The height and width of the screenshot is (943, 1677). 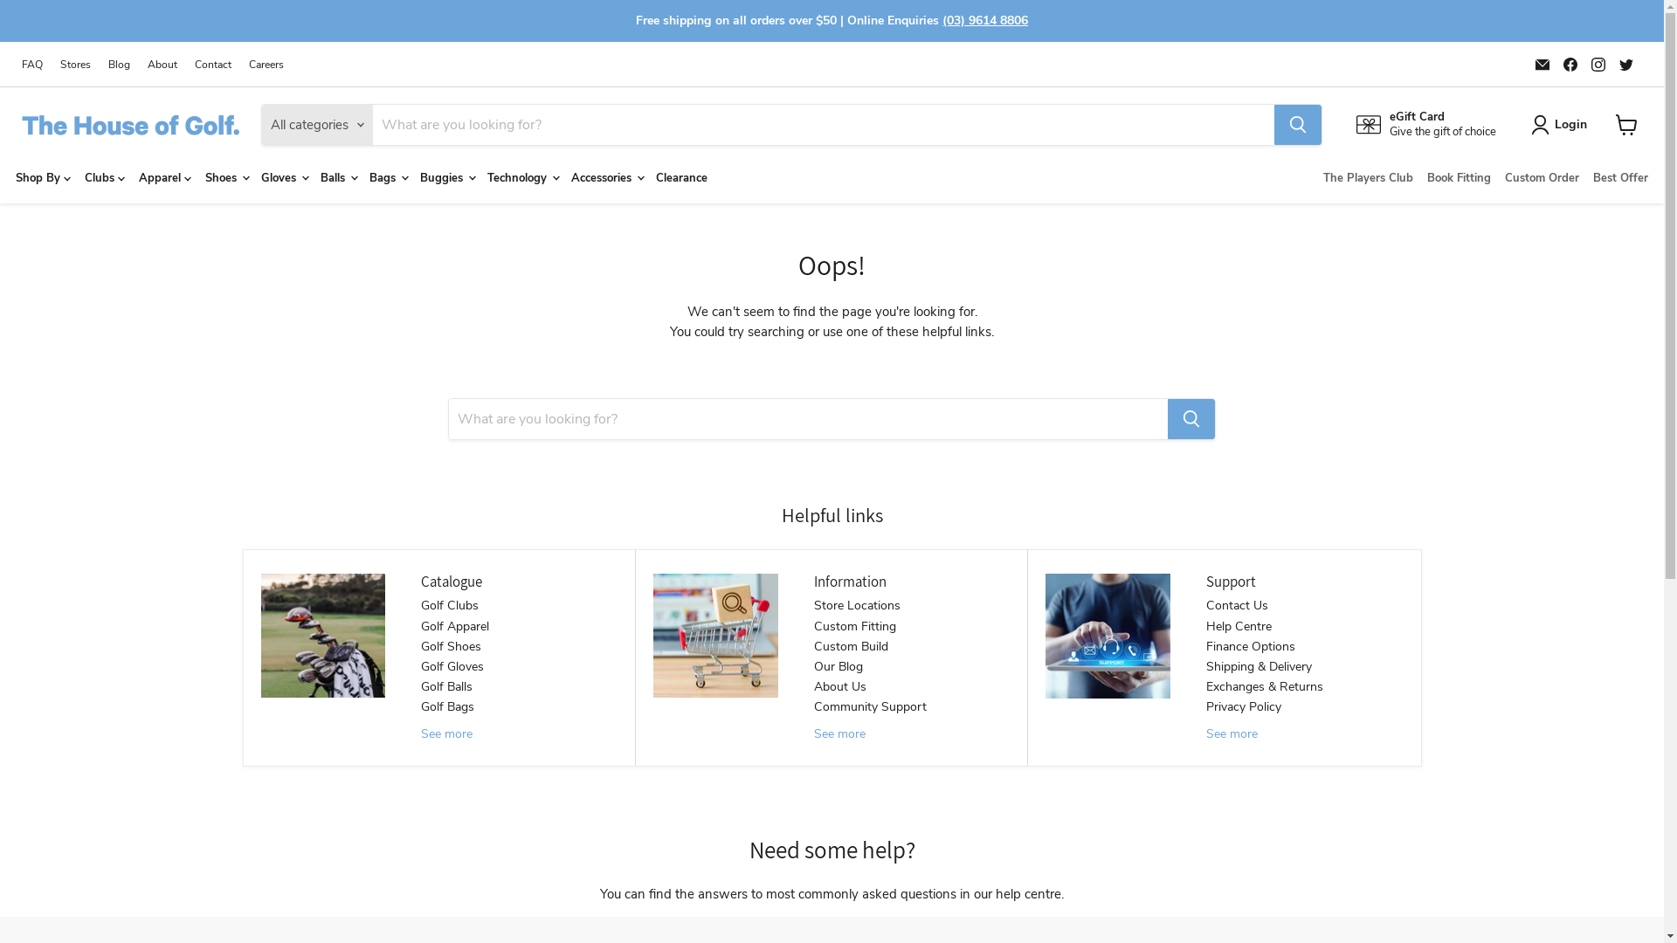 I want to click on 'See more', so click(x=420, y=733).